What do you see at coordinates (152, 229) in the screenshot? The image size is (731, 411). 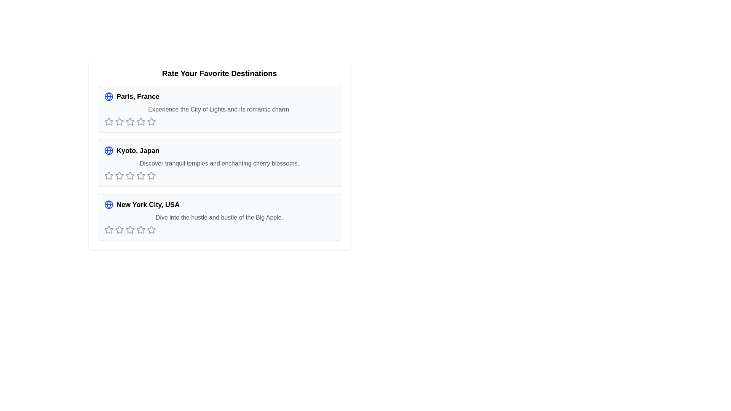 I see `the fifth rating star icon, which is outlined in light gray and located beneath the 'New York City, USA' section` at bounding box center [152, 229].